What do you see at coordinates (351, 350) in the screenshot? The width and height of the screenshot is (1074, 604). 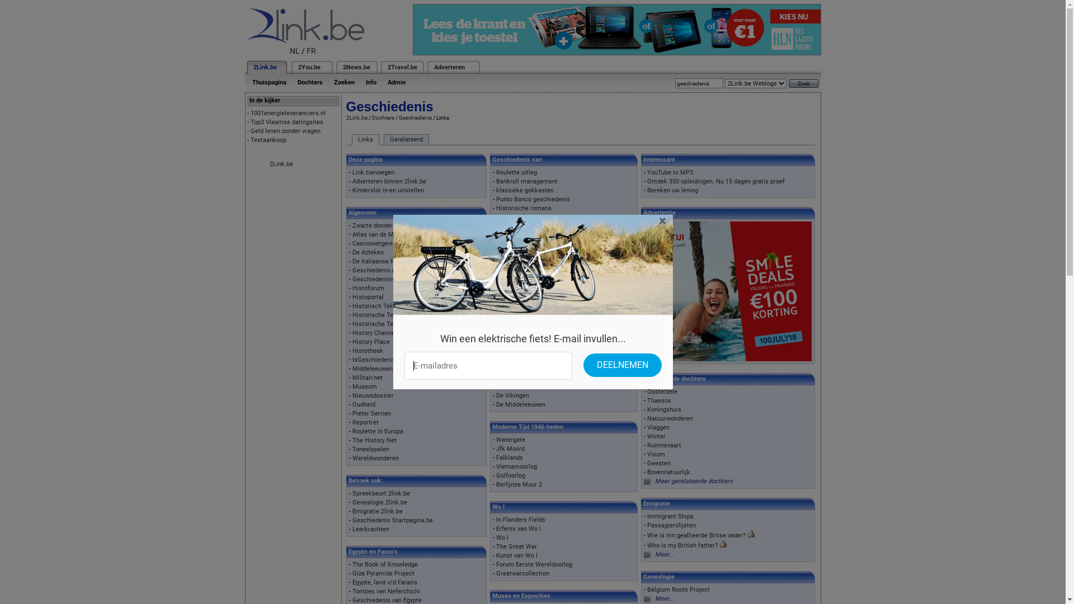 I see `'Histotheek'` at bounding box center [351, 350].